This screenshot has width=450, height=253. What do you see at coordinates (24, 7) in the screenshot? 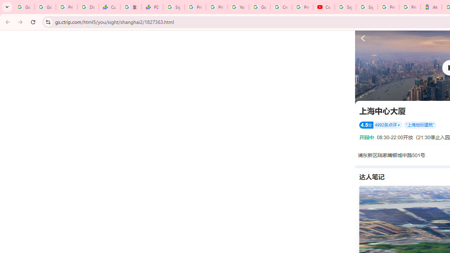
I see `'Google Workspace Admin Community'` at bounding box center [24, 7].